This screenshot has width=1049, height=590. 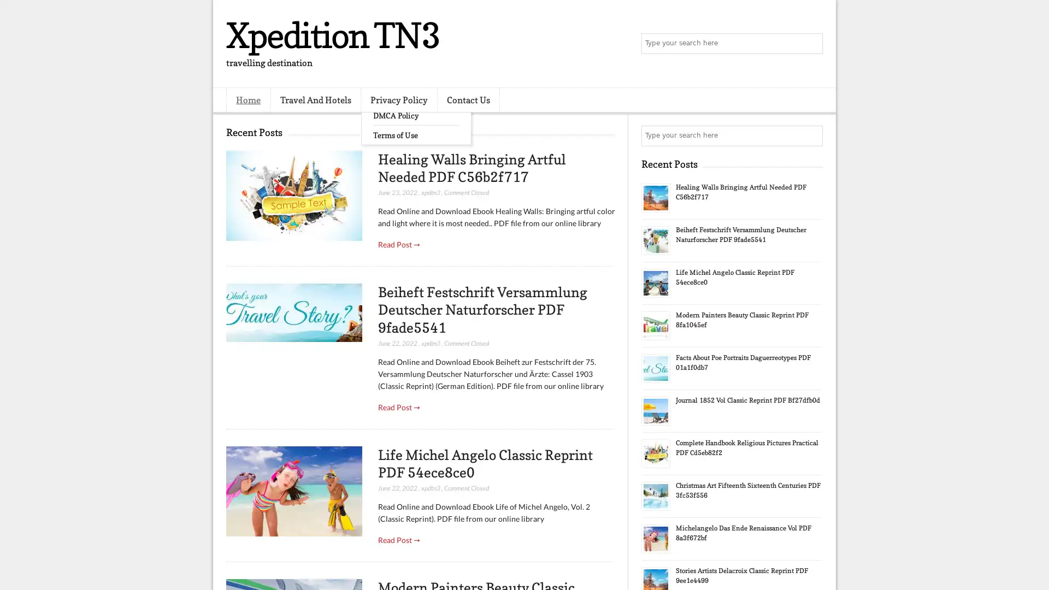 What do you see at coordinates (811, 135) in the screenshot?
I see `Search` at bounding box center [811, 135].